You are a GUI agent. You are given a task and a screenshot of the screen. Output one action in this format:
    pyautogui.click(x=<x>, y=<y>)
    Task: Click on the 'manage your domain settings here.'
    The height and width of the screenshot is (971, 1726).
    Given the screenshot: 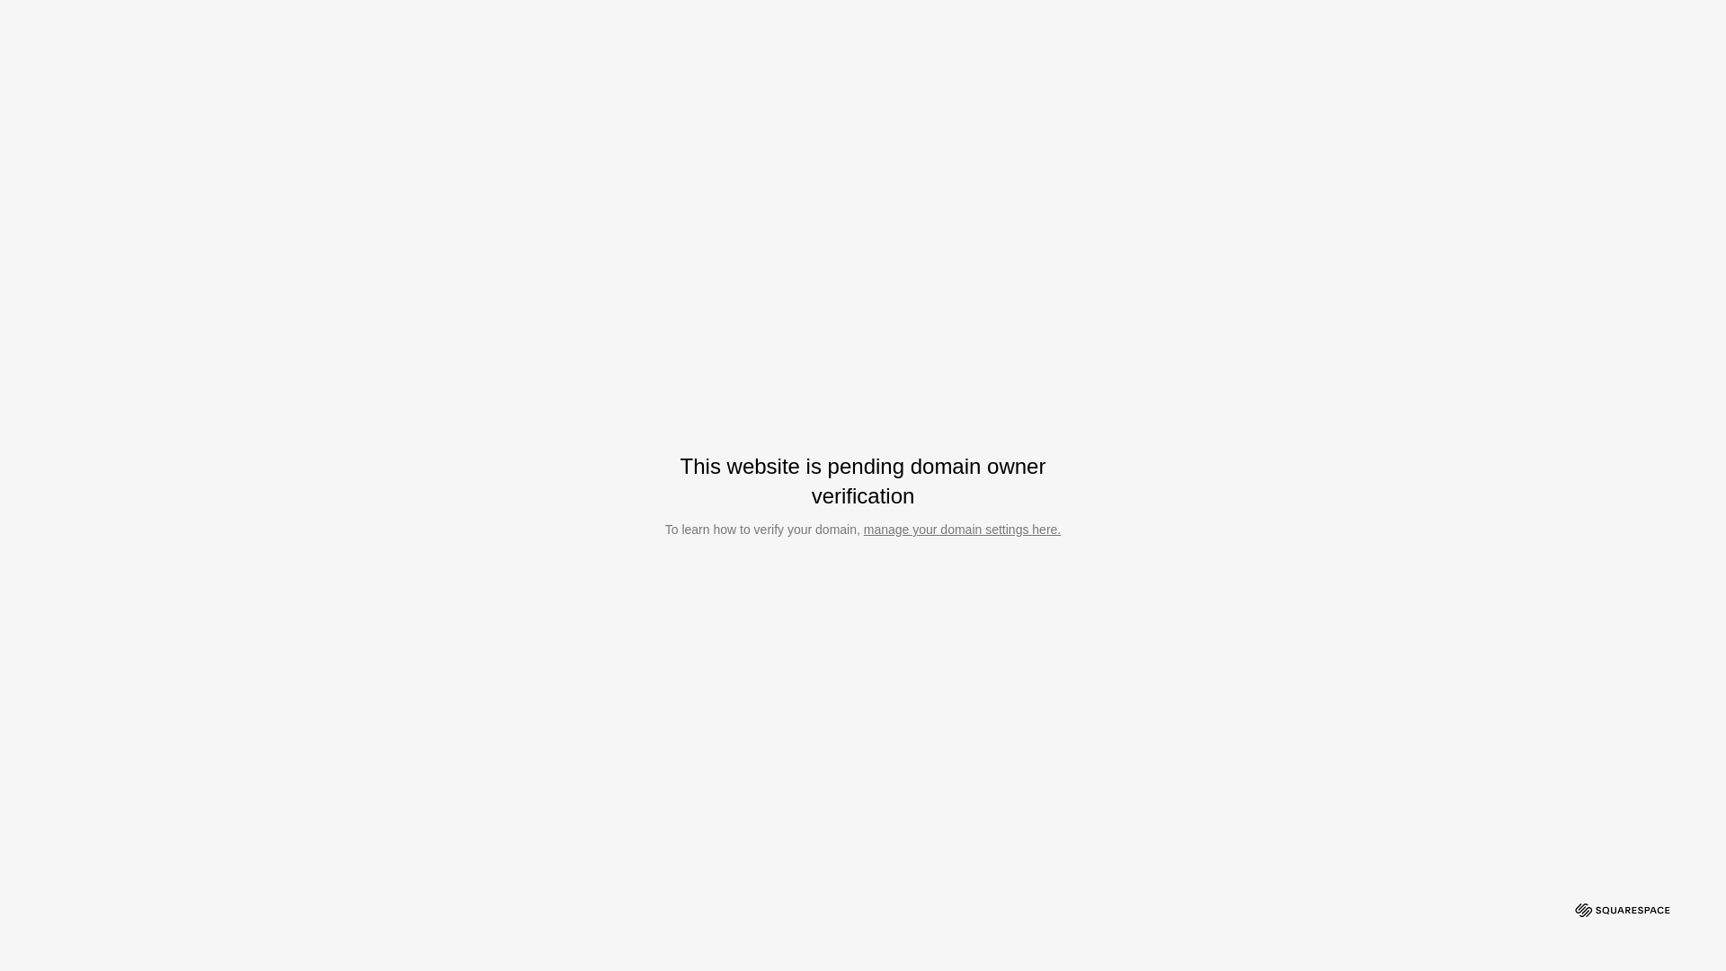 What is the action you would take?
    pyautogui.click(x=961, y=529)
    